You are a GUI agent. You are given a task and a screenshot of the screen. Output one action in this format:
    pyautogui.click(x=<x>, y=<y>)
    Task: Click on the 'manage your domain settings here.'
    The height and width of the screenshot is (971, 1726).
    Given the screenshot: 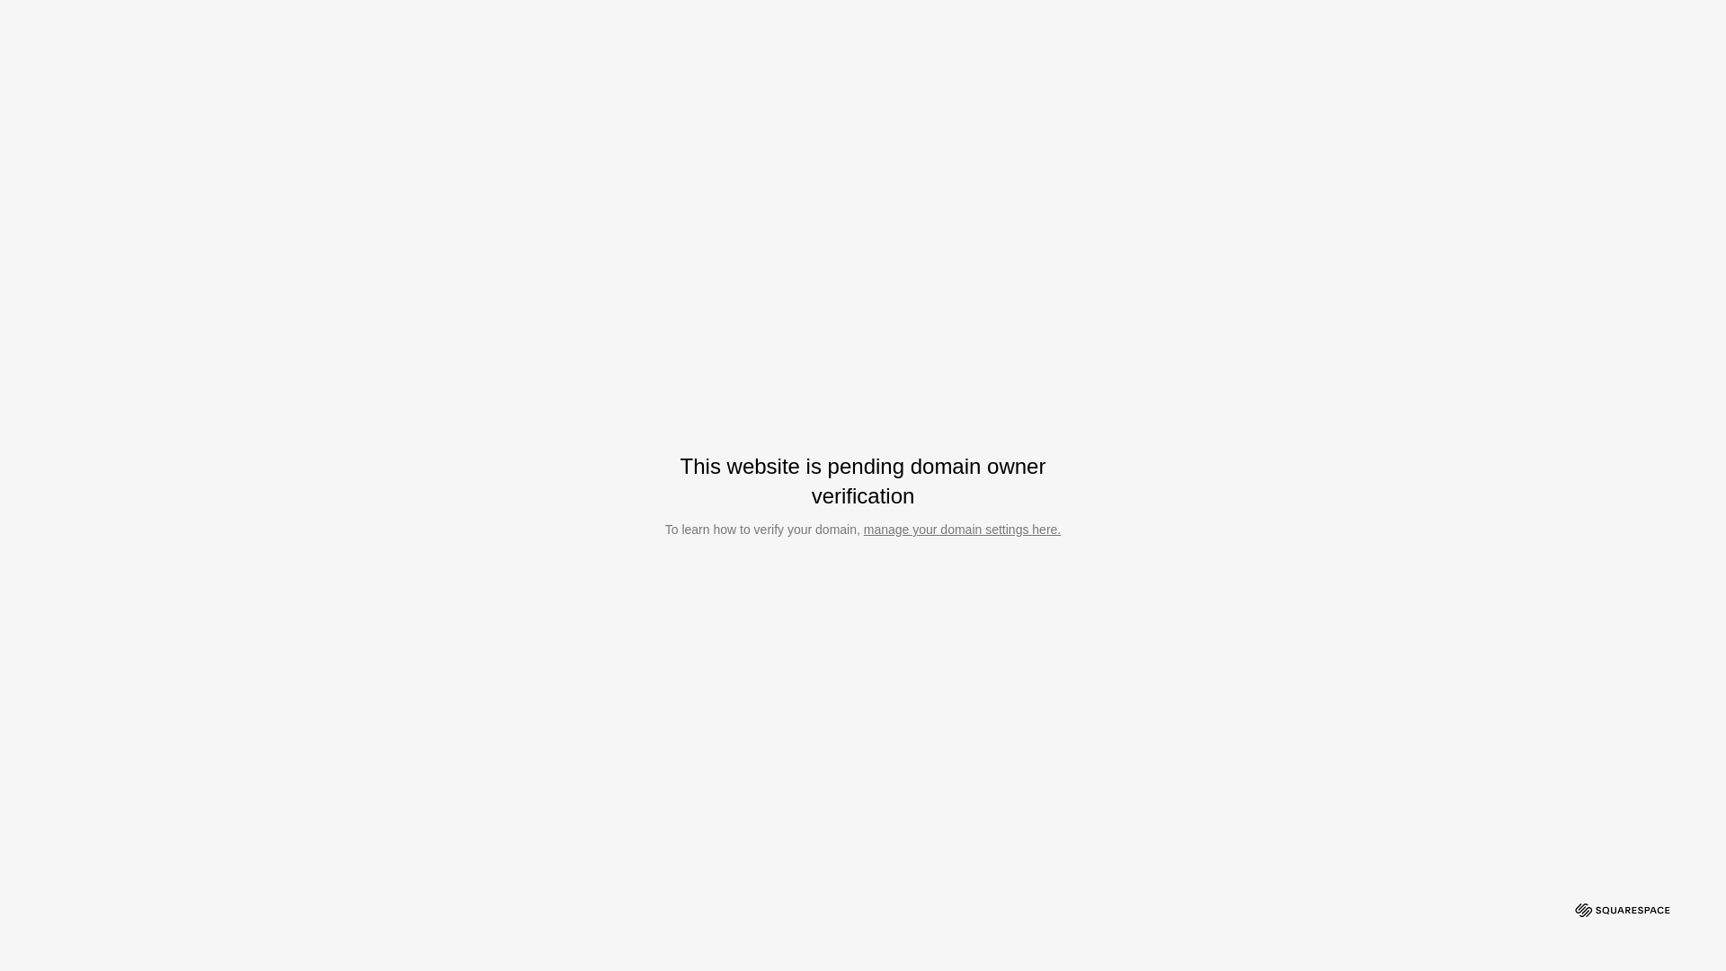 What is the action you would take?
    pyautogui.click(x=961, y=529)
    